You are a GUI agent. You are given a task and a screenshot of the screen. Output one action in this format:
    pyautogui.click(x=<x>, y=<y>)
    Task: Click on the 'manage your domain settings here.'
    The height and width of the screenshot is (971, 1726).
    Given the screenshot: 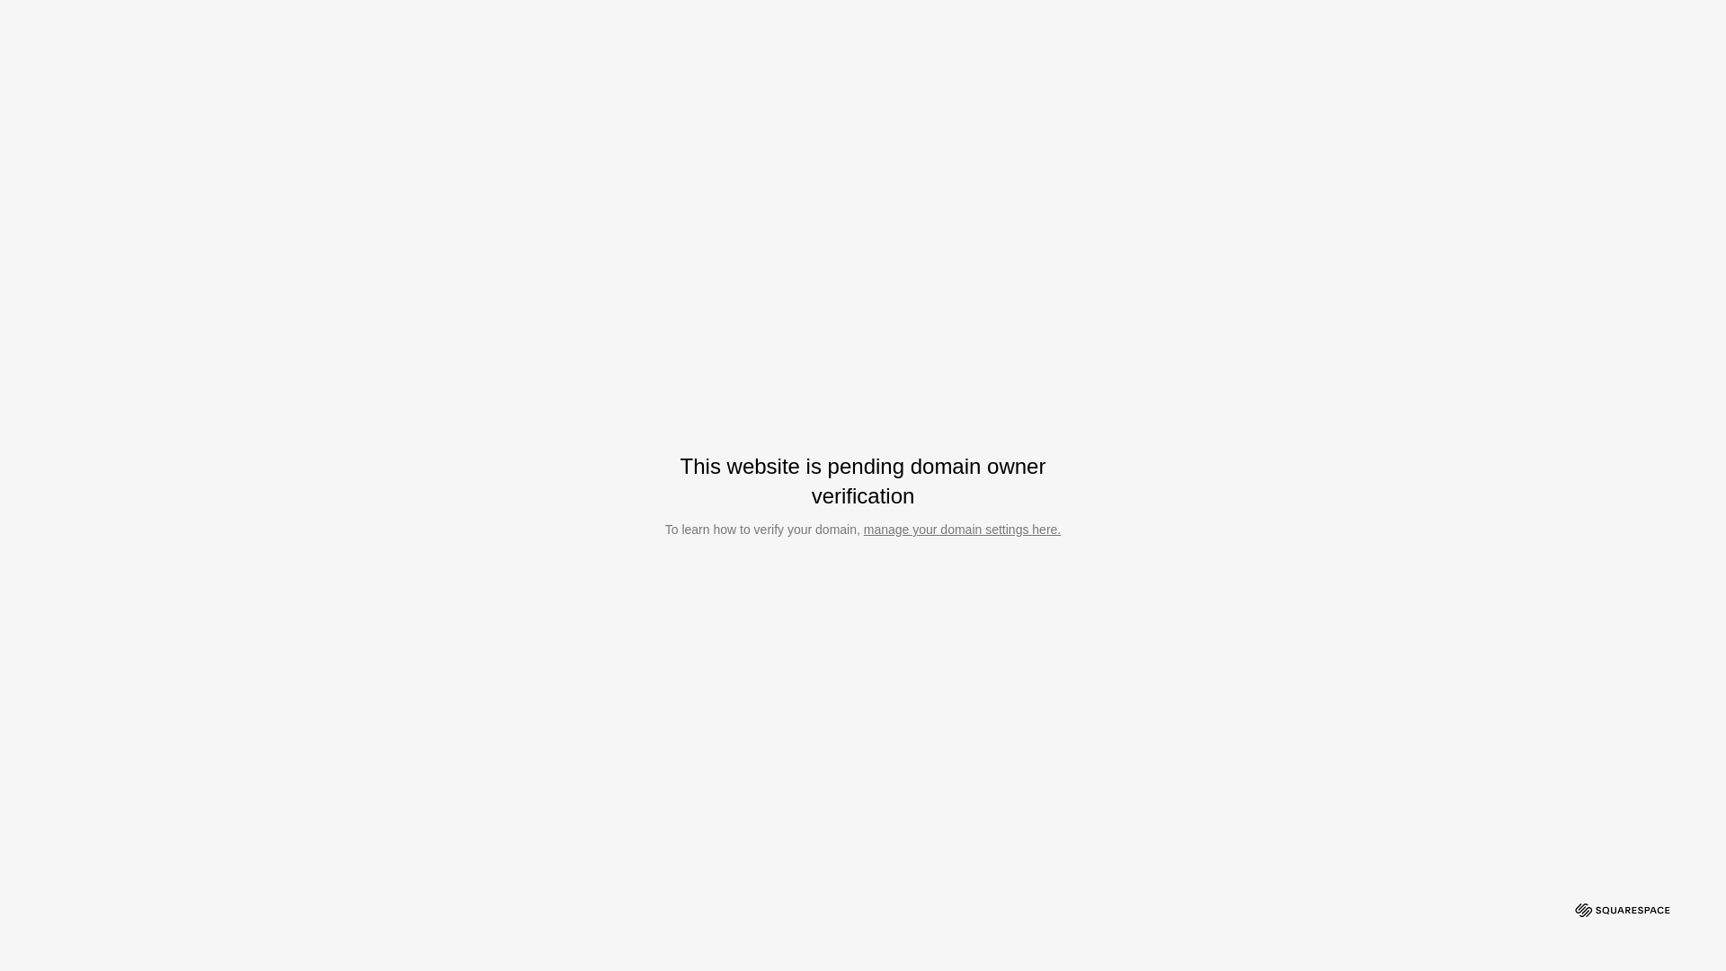 What is the action you would take?
    pyautogui.click(x=961, y=529)
    